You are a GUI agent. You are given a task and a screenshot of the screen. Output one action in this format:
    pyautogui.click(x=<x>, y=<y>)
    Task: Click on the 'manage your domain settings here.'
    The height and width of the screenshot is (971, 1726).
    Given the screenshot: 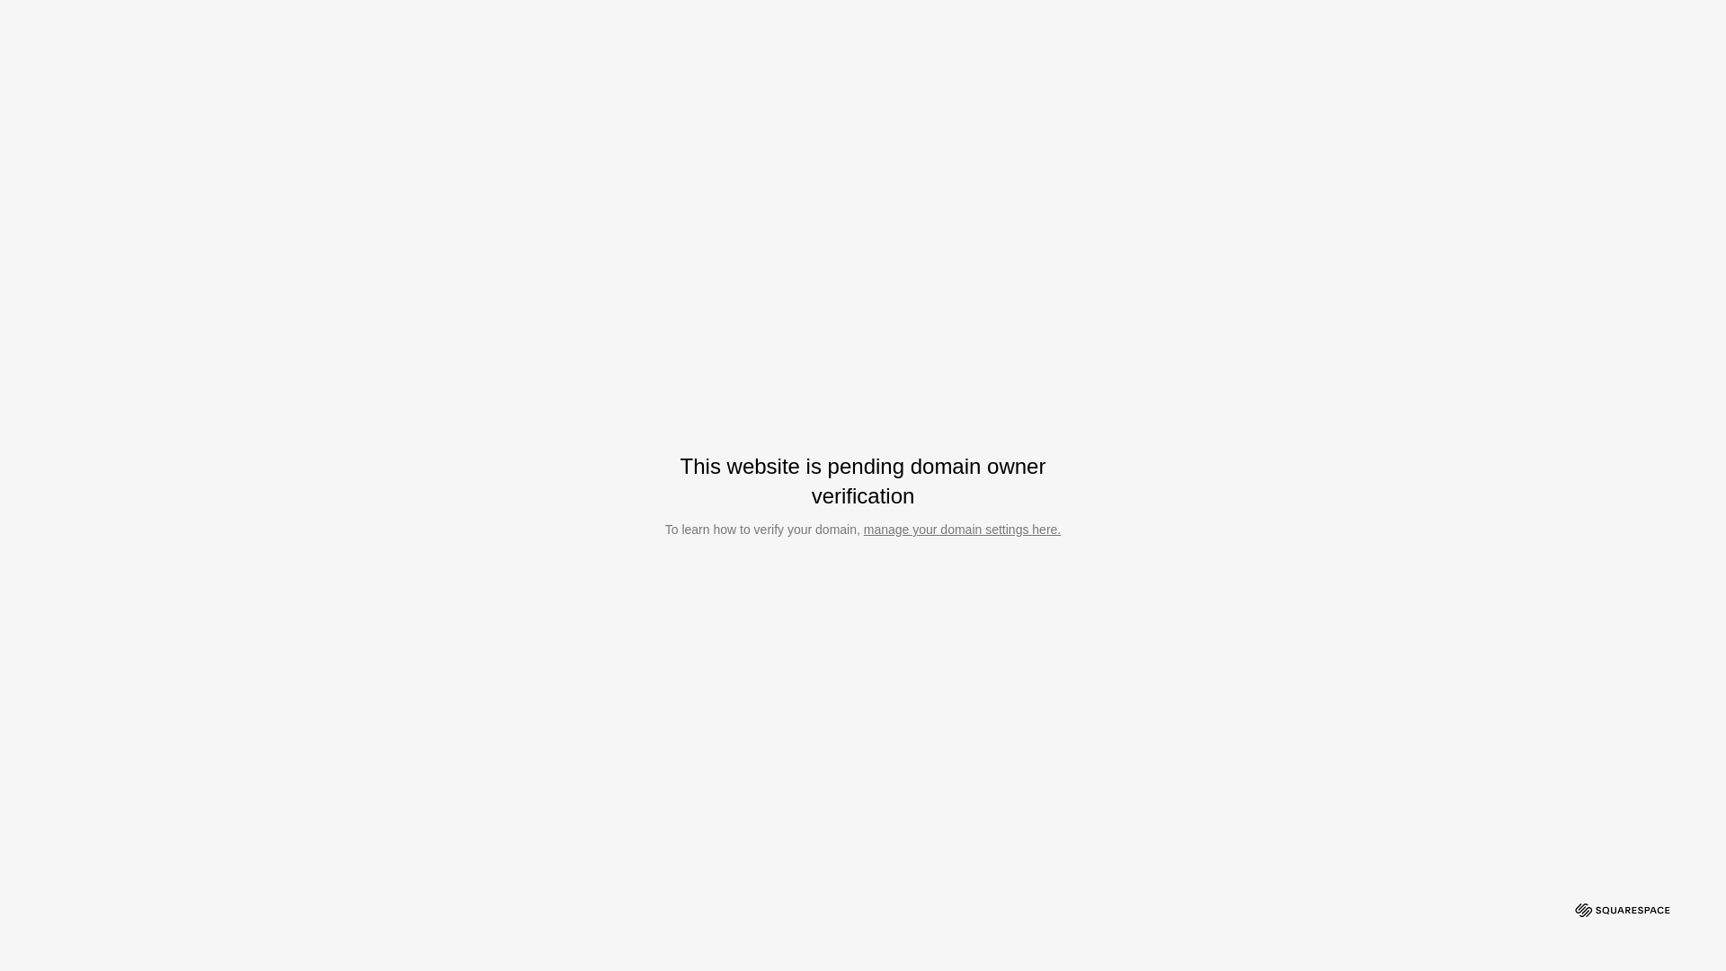 What is the action you would take?
    pyautogui.click(x=961, y=529)
    